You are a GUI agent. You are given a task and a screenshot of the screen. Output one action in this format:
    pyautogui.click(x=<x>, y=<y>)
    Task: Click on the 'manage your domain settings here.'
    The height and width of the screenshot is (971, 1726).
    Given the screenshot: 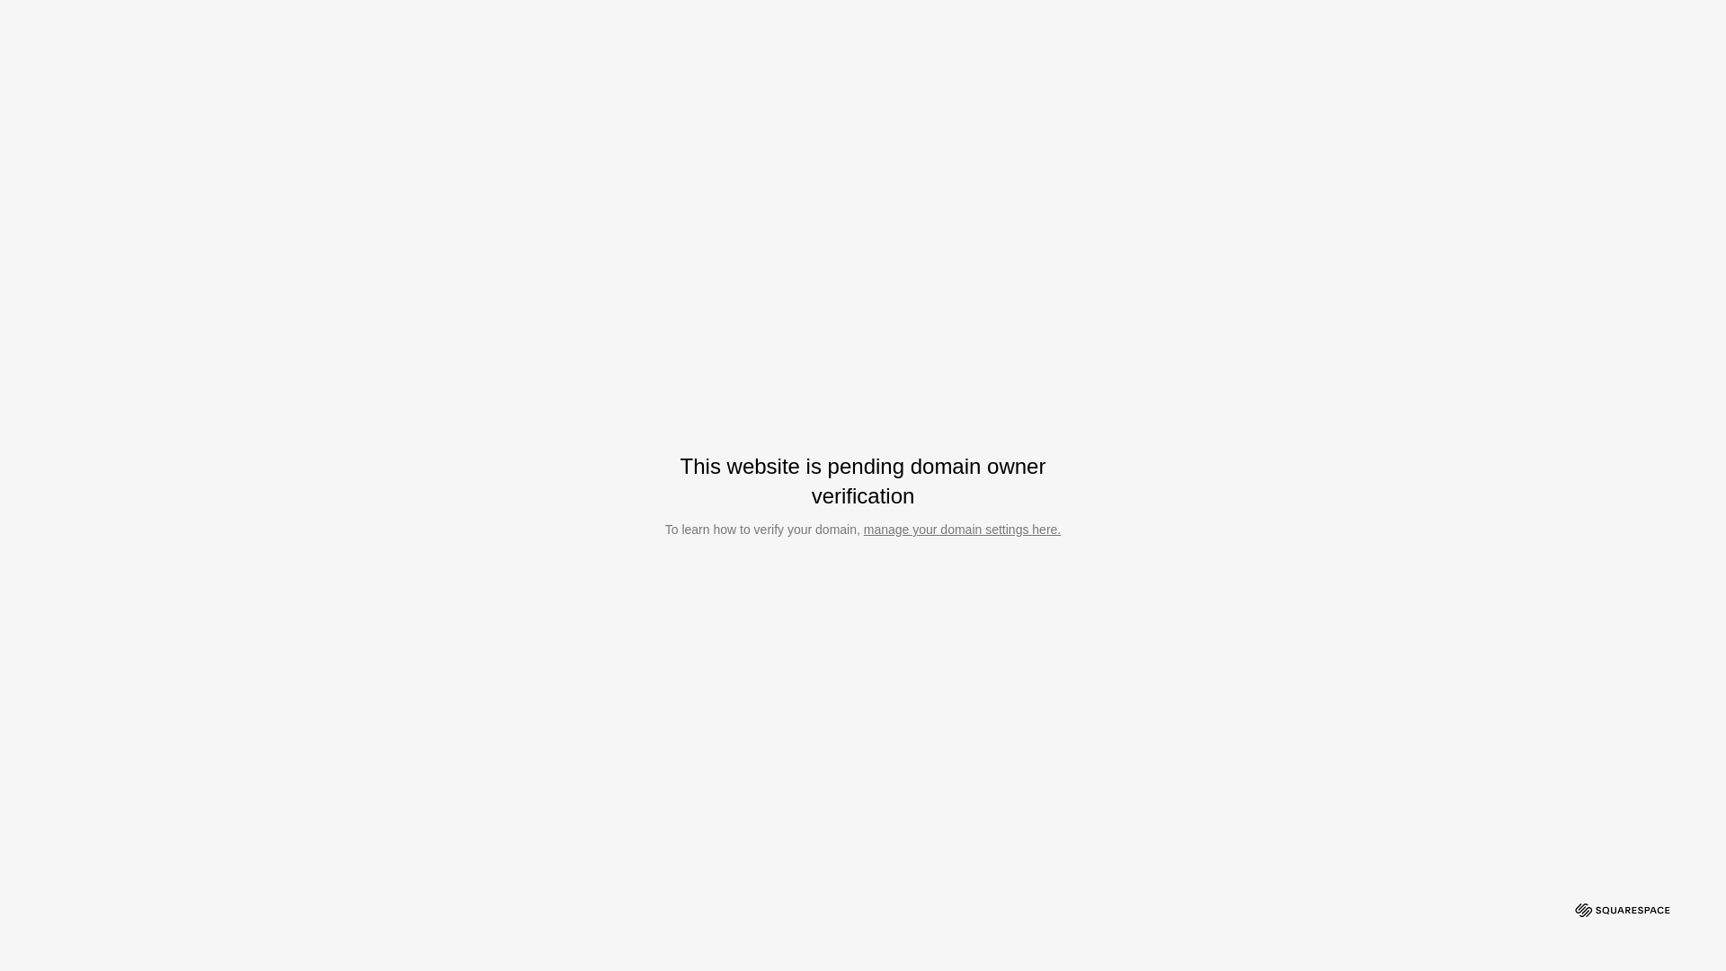 What is the action you would take?
    pyautogui.click(x=961, y=529)
    